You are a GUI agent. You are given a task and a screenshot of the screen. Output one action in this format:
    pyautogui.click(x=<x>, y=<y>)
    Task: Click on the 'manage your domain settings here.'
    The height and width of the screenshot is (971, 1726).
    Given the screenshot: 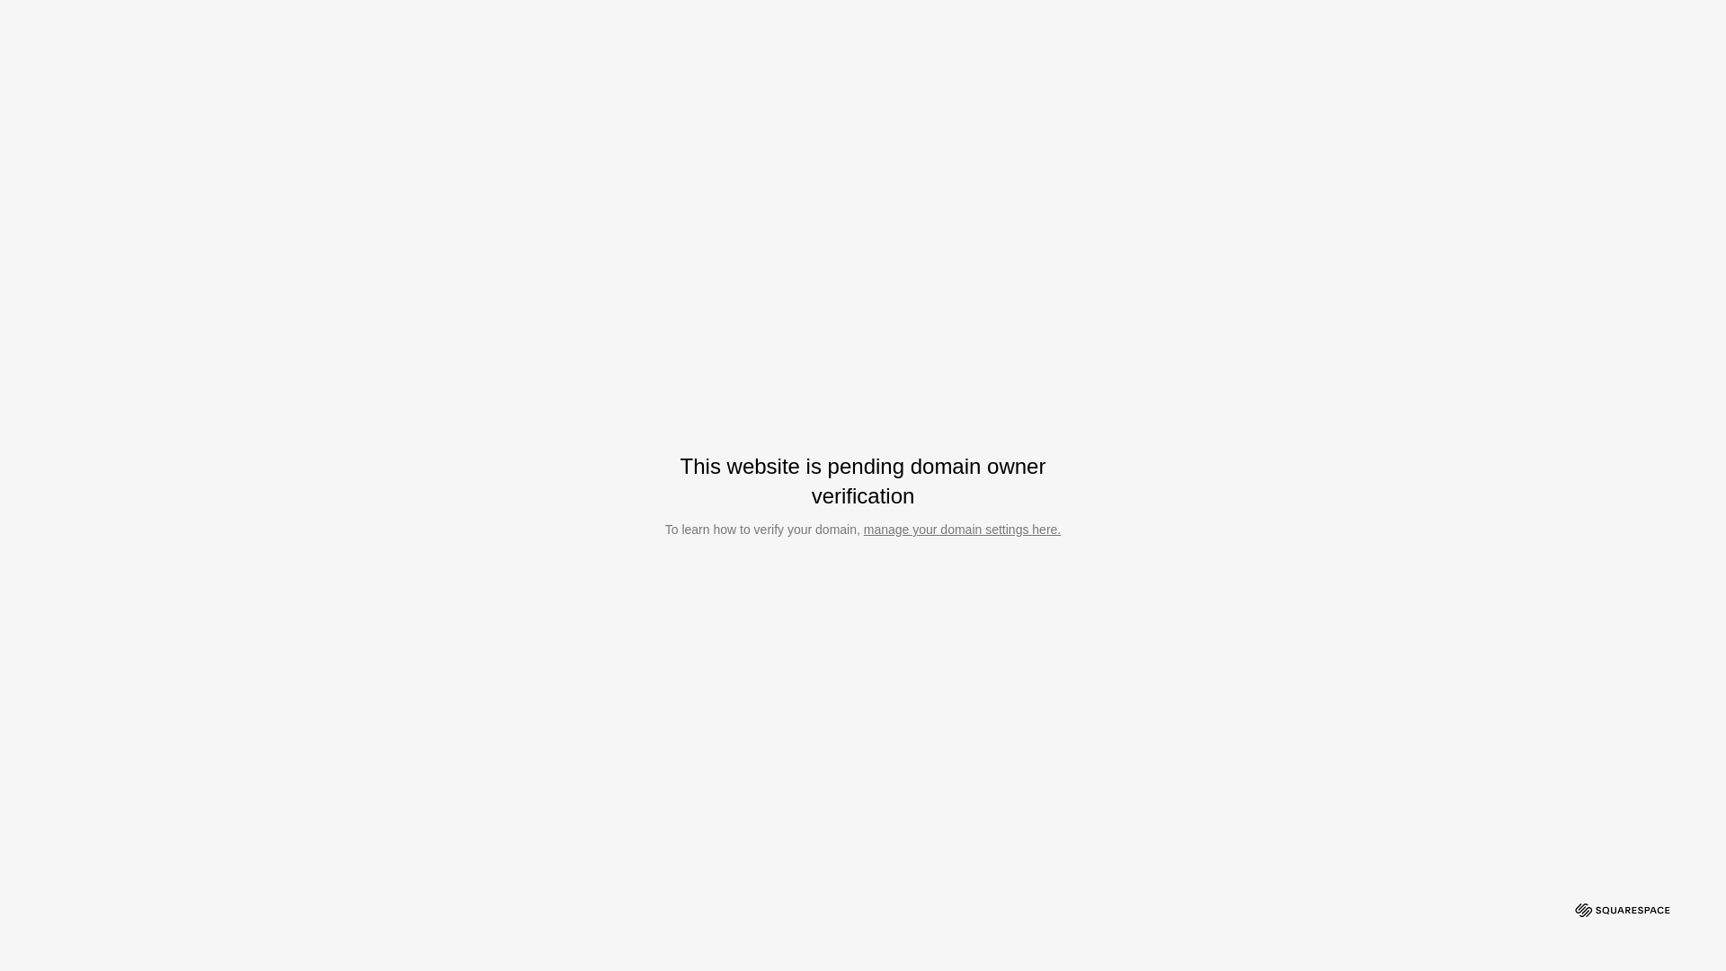 What is the action you would take?
    pyautogui.click(x=961, y=529)
    